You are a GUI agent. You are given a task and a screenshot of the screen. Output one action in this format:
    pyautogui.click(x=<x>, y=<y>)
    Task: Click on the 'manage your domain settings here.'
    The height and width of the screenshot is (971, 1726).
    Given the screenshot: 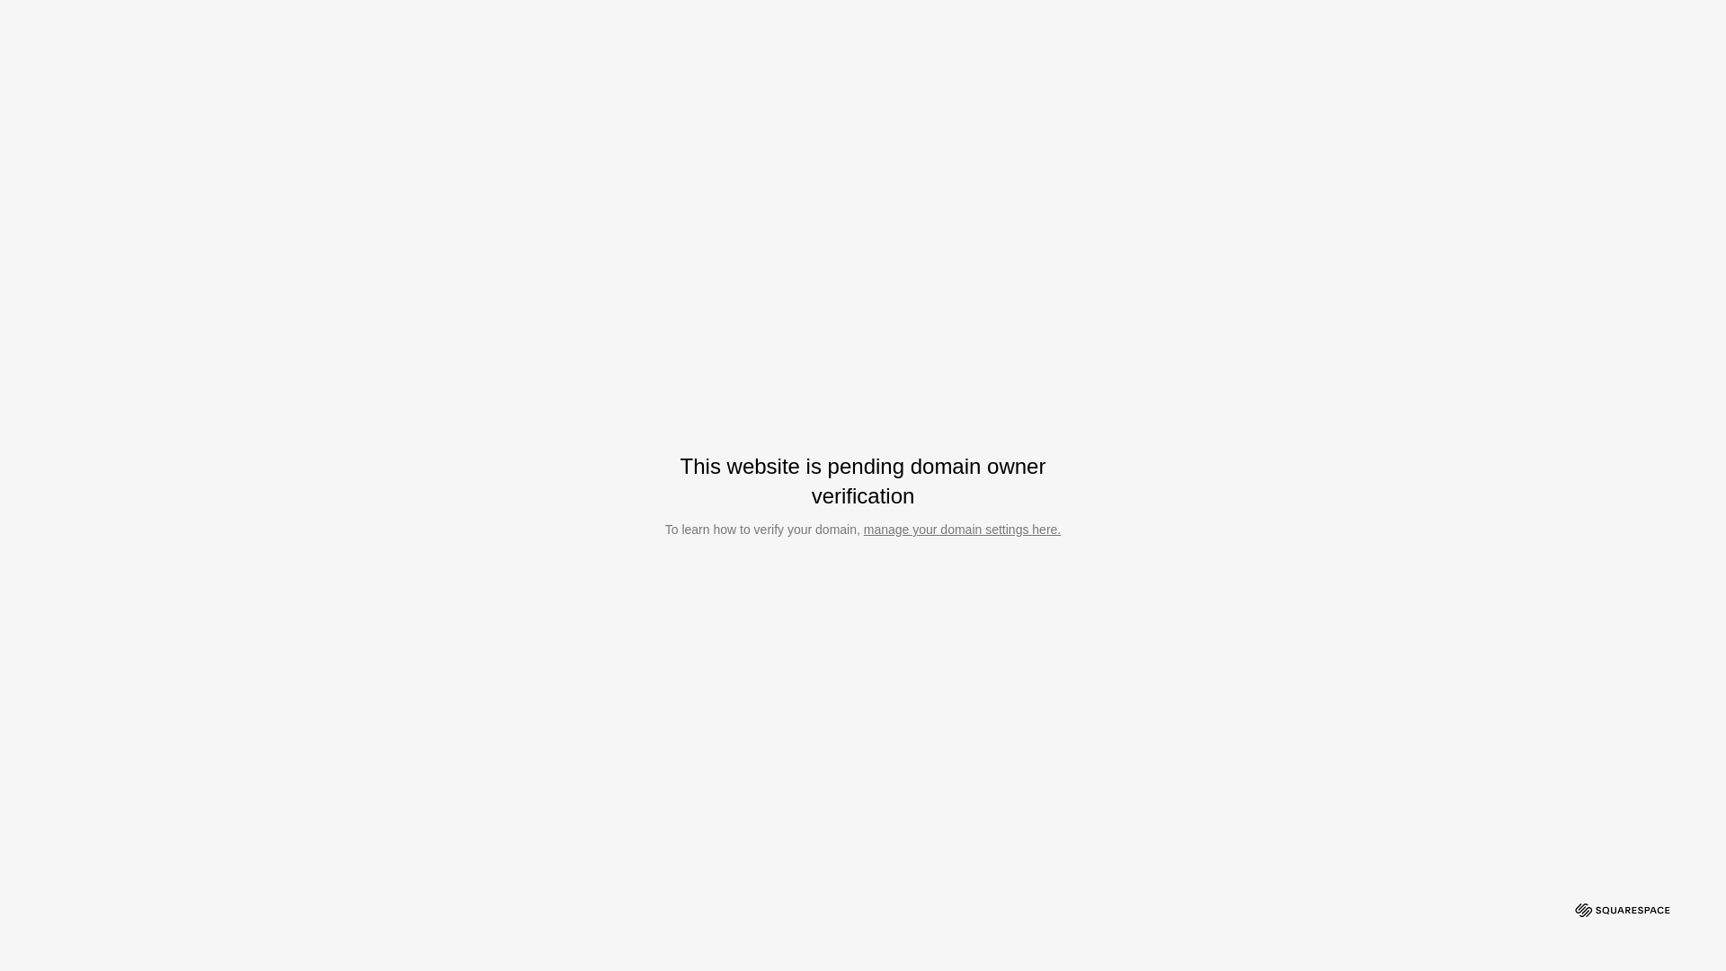 What is the action you would take?
    pyautogui.click(x=961, y=529)
    